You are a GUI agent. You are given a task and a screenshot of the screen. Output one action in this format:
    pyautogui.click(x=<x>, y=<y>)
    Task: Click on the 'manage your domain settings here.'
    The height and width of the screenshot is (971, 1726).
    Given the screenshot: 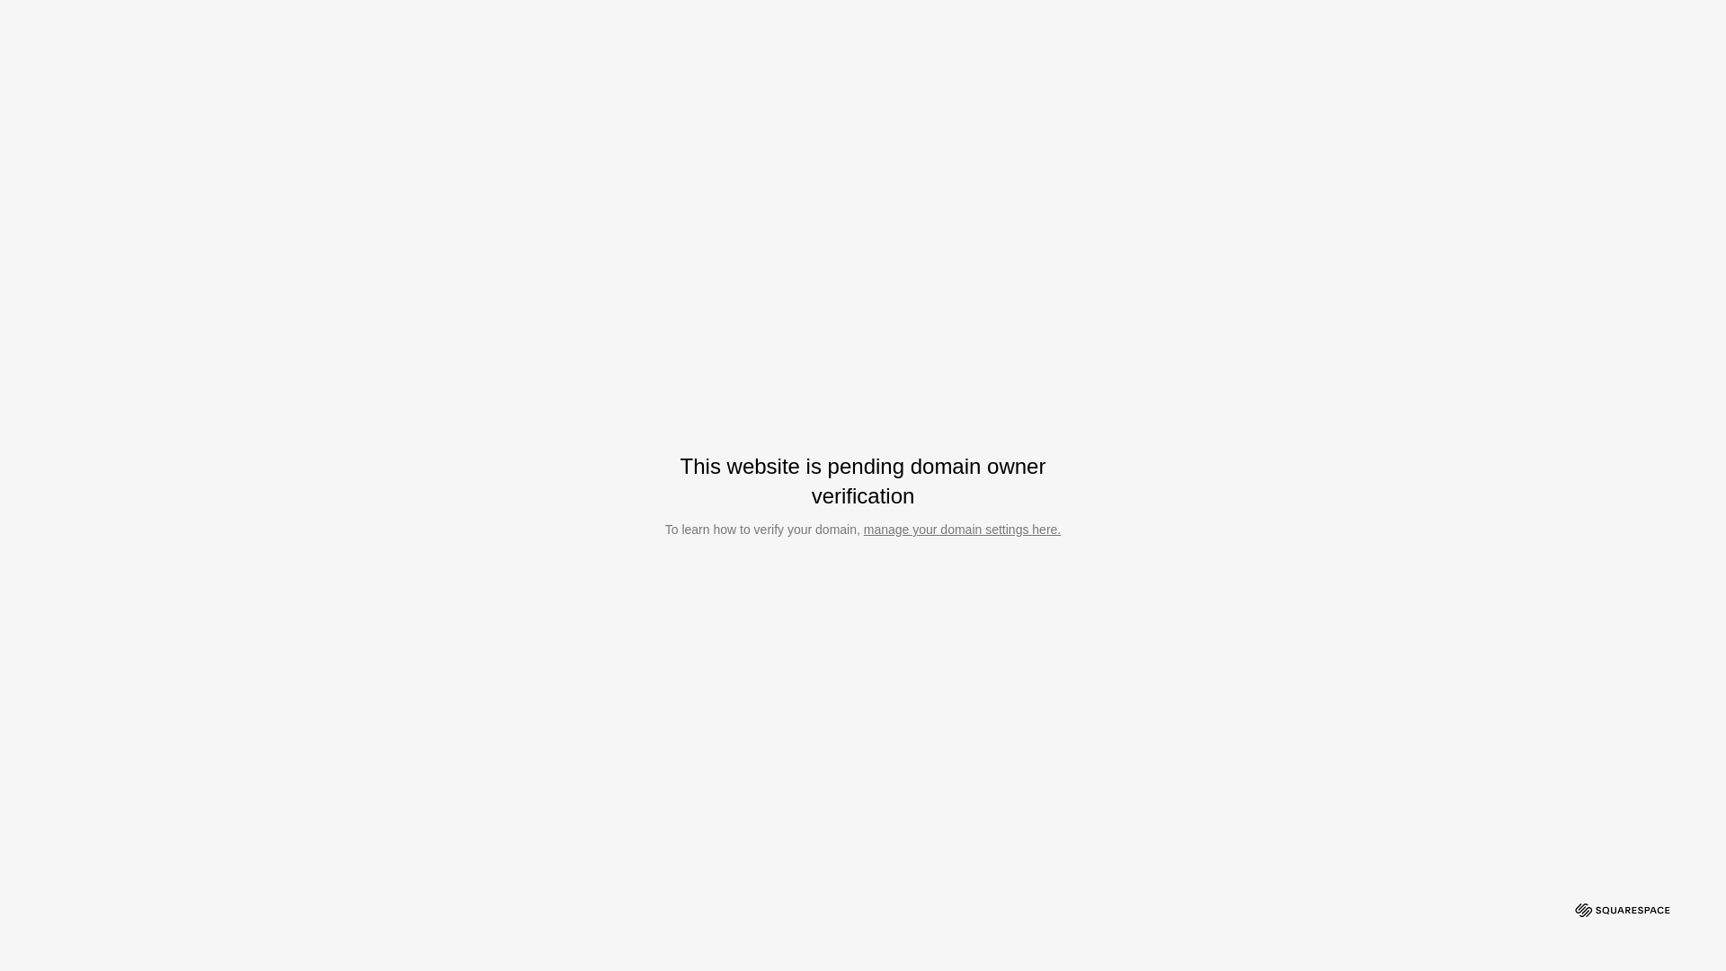 What is the action you would take?
    pyautogui.click(x=961, y=529)
    